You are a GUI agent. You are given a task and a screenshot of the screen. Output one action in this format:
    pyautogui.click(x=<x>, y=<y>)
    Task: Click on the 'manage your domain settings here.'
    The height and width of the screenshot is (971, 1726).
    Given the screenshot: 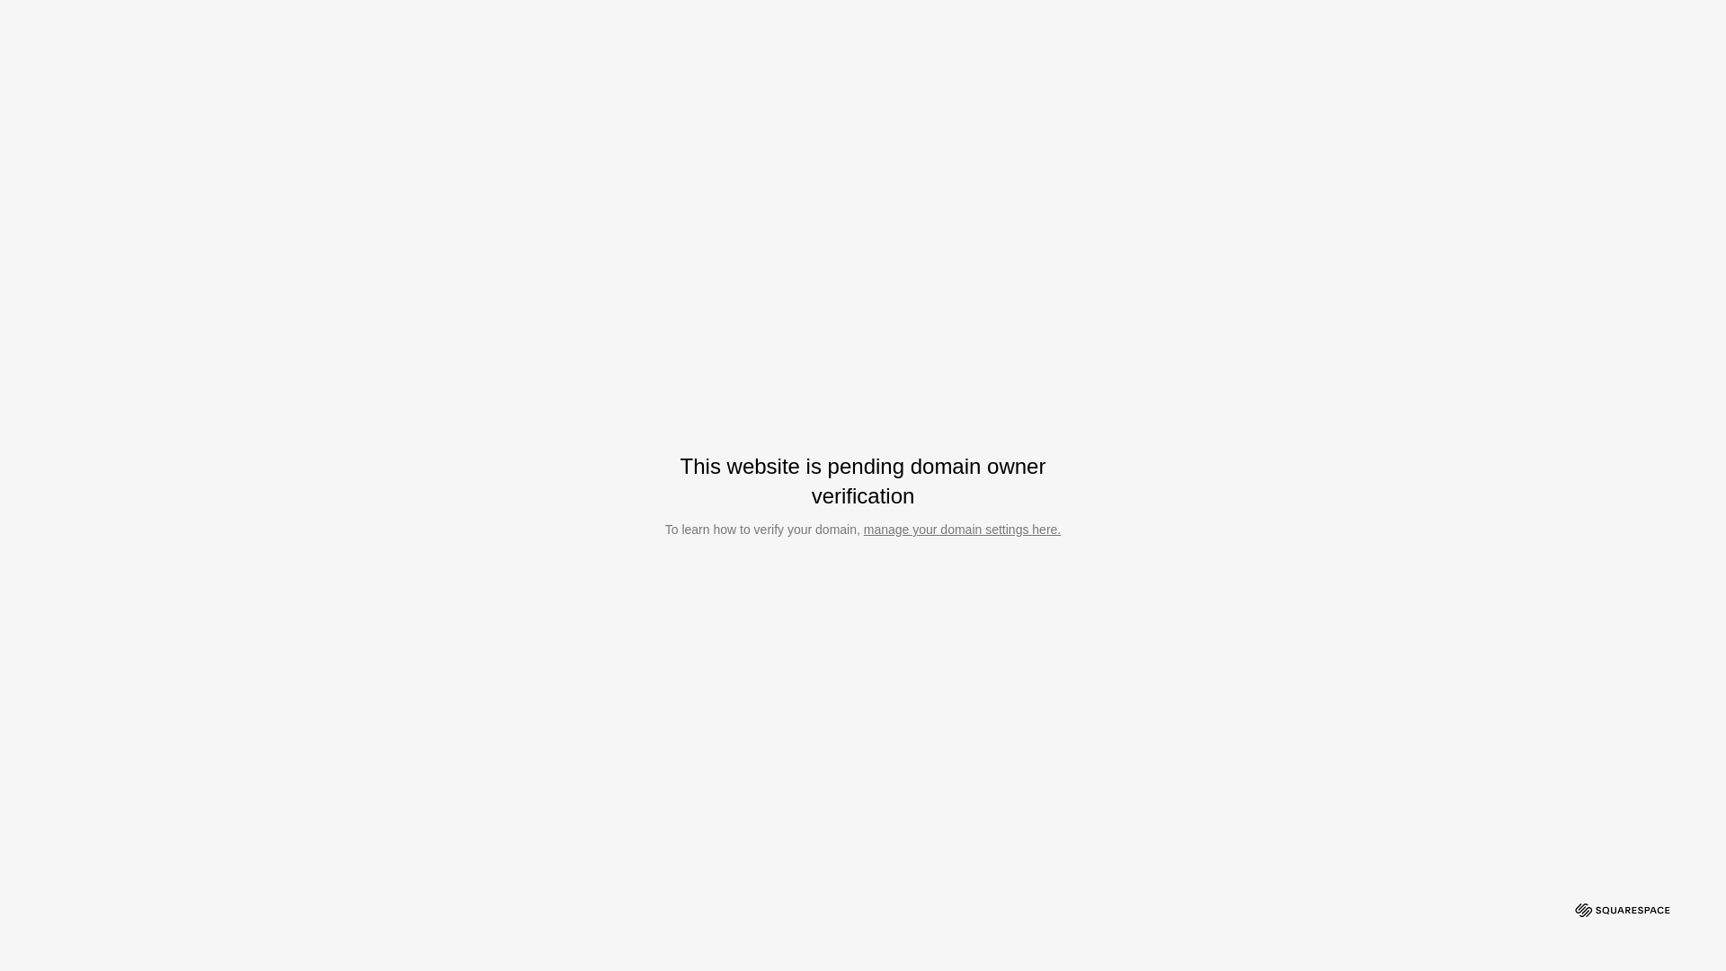 What is the action you would take?
    pyautogui.click(x=961, y=529)
    